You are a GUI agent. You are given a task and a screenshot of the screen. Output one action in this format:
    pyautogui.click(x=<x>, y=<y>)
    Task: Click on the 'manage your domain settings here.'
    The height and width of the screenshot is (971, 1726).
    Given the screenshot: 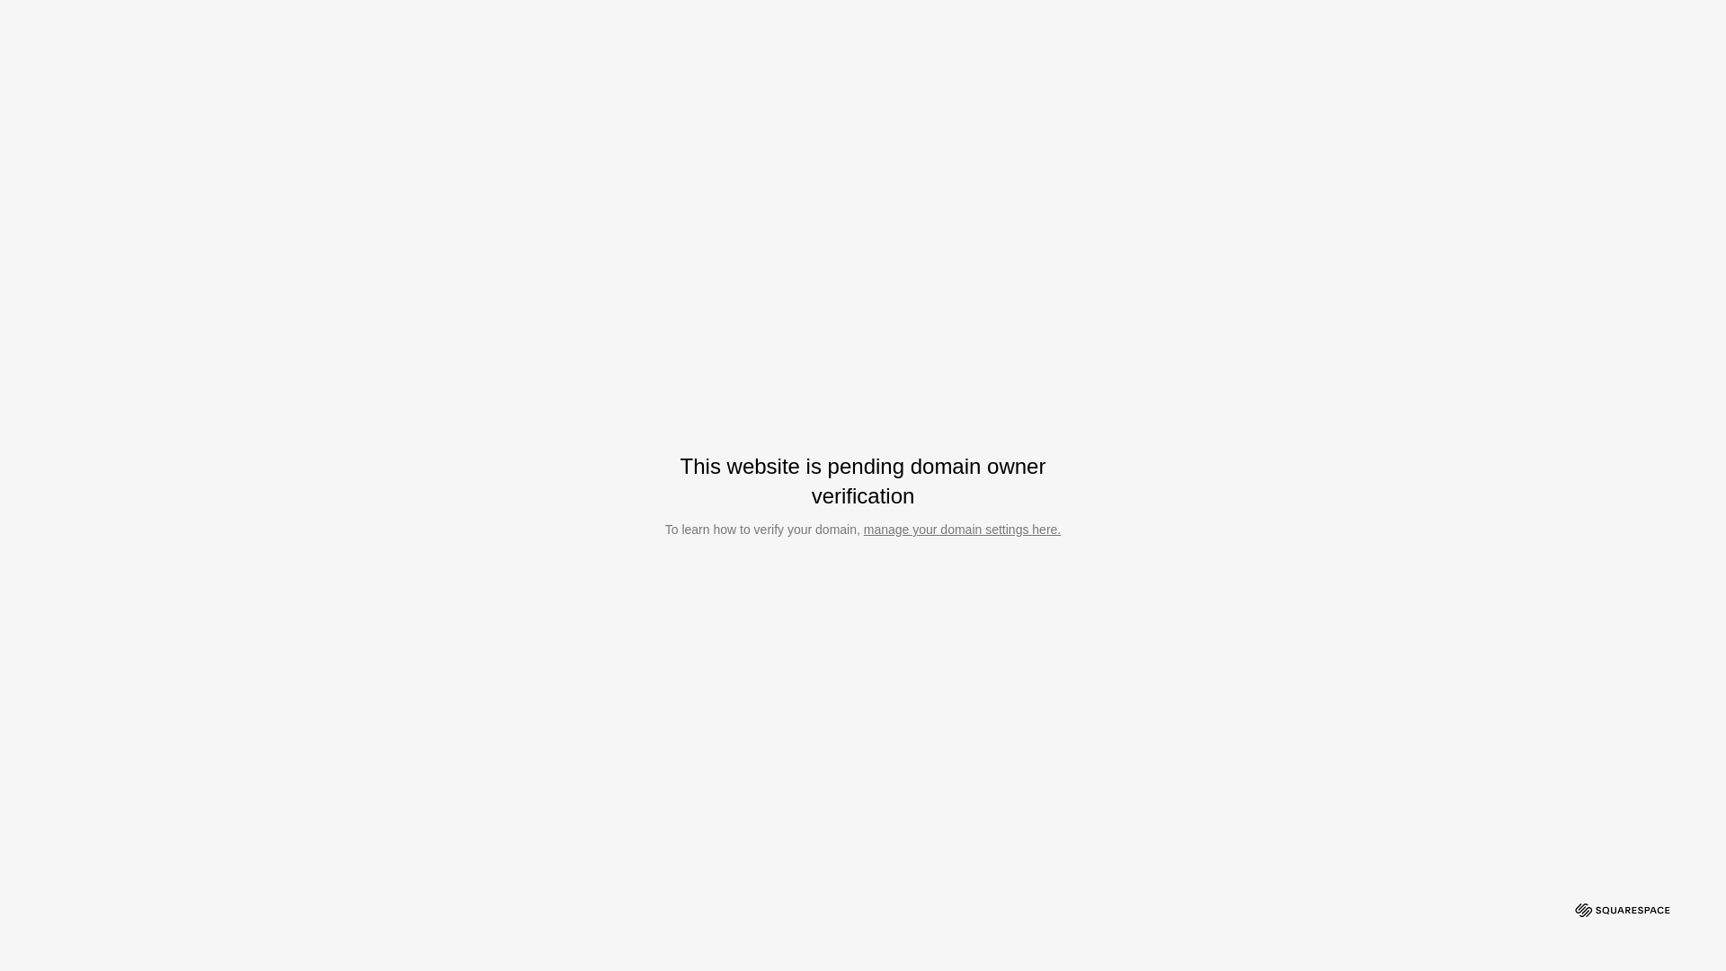 What is the action you would take?
    pyautogui.click(x=961, y=529)
    